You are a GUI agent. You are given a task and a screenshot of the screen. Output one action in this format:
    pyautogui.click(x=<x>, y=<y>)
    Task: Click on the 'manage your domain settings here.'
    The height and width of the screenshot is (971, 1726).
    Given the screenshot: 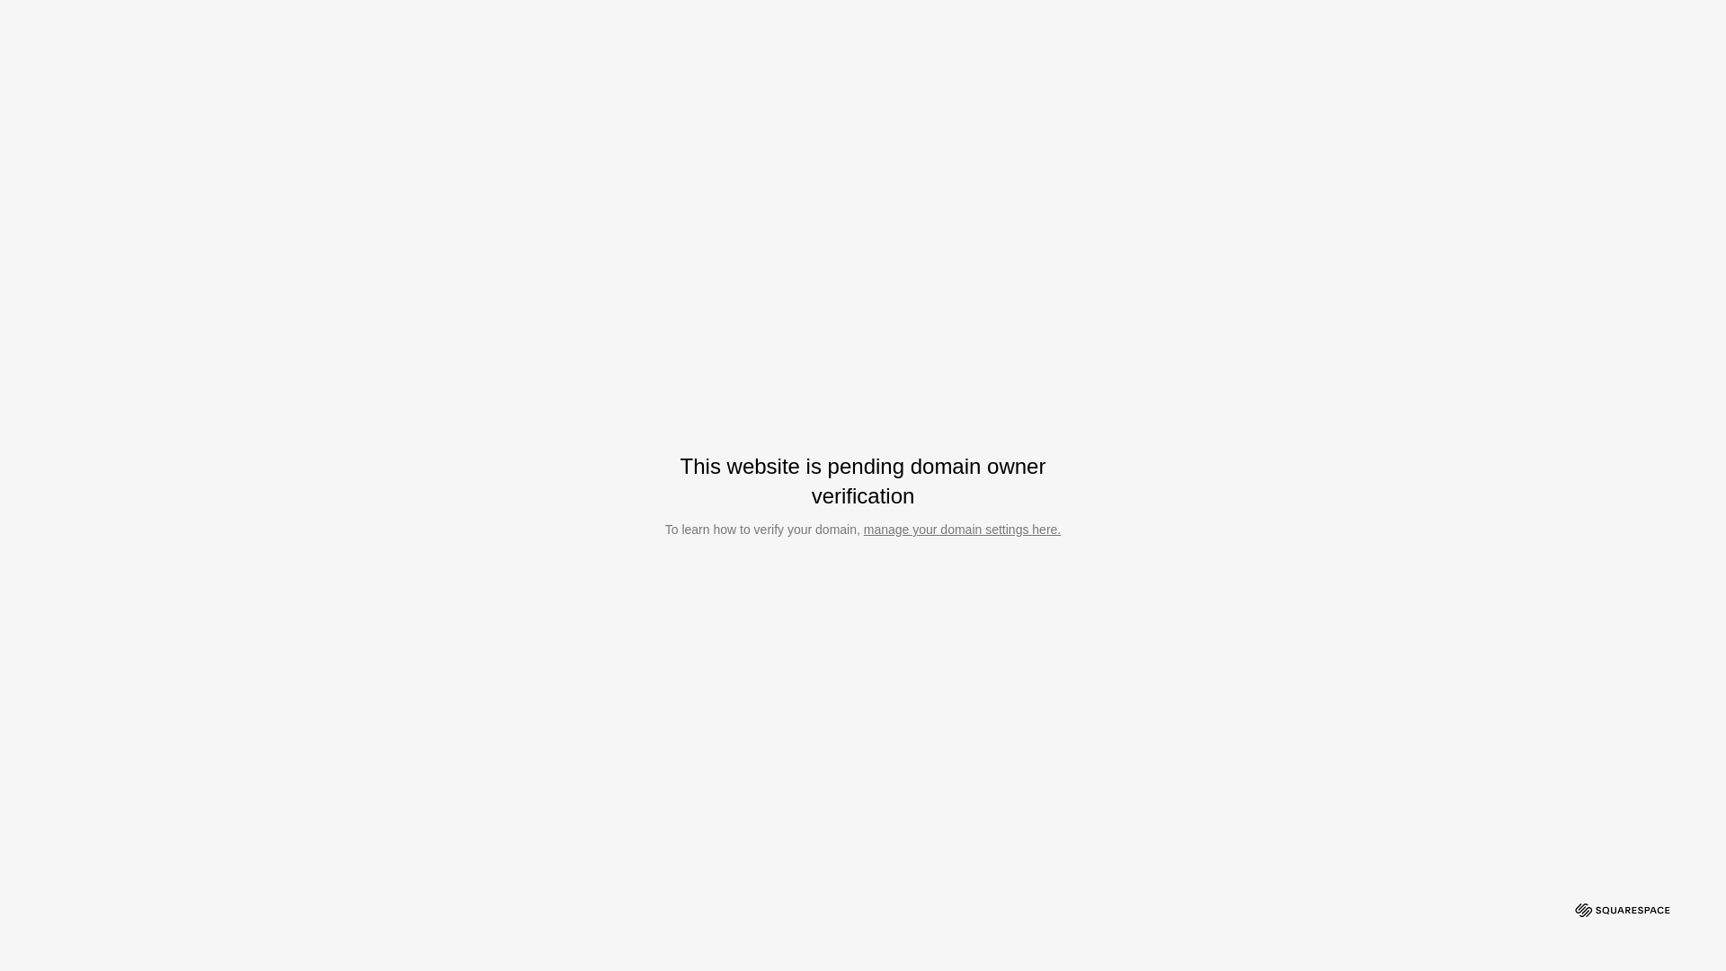 What is the action you would take?
    pyautogui.click(x=961, y=529)
    